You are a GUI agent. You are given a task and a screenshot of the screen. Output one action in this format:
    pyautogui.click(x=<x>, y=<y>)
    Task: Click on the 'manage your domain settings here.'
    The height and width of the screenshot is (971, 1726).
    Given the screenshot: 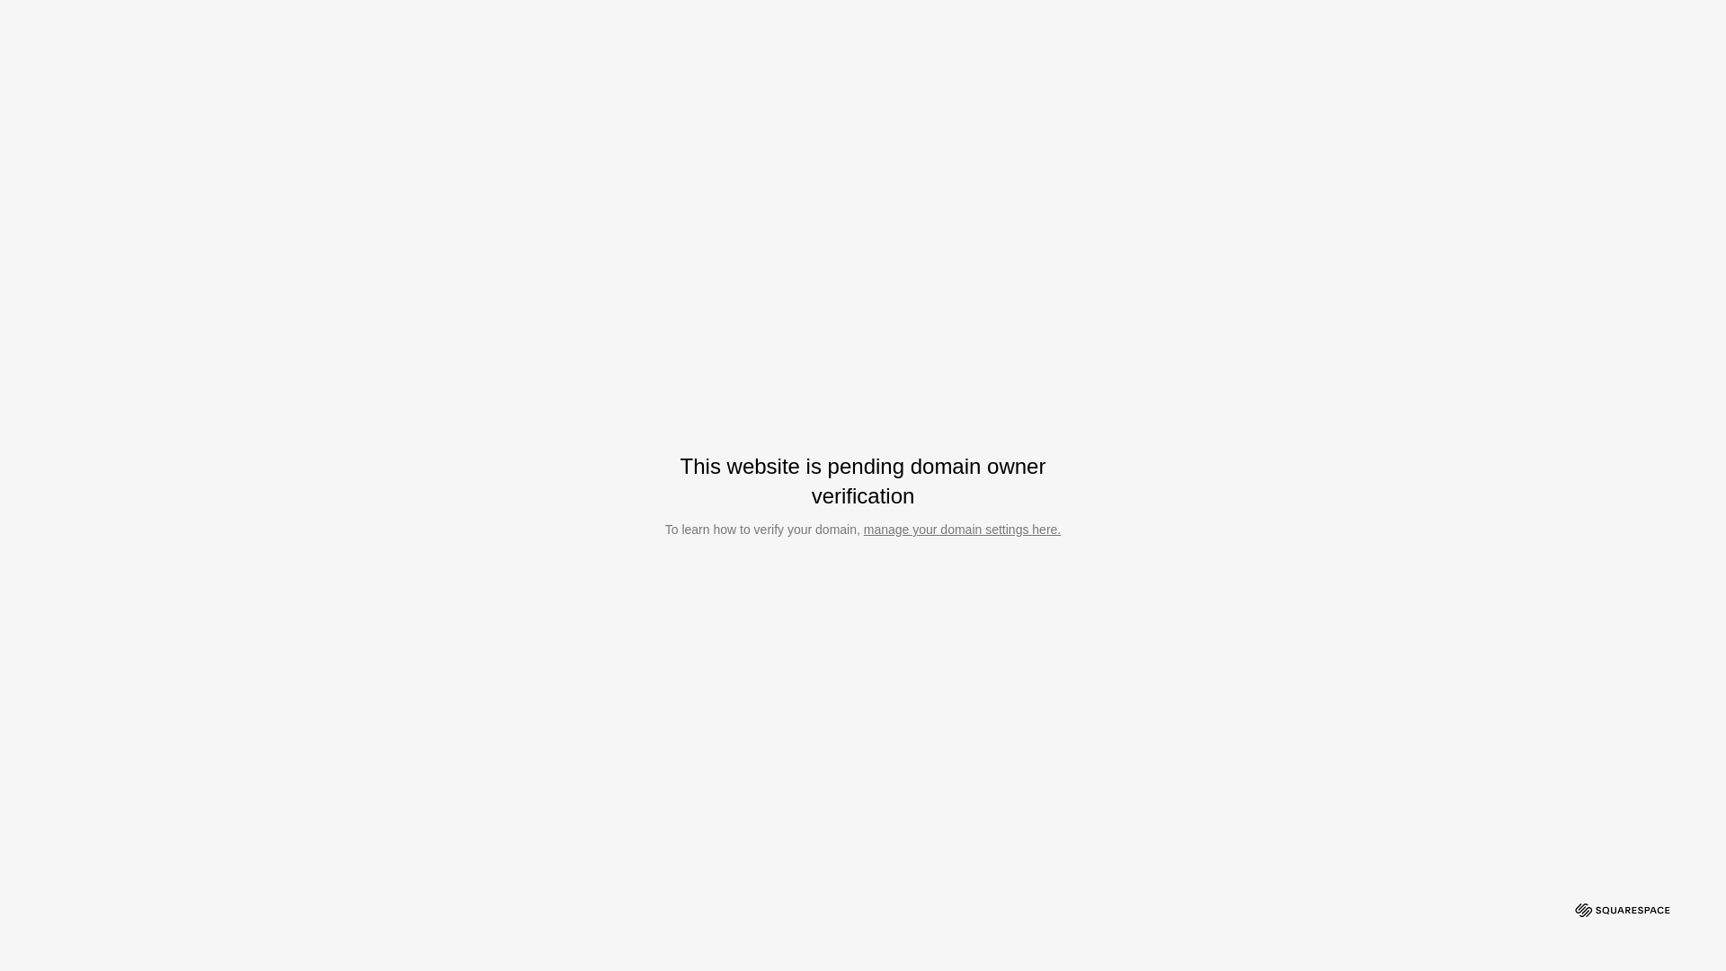 What is the action you would take?
    pyautogui.click(x=961, y=529)
    